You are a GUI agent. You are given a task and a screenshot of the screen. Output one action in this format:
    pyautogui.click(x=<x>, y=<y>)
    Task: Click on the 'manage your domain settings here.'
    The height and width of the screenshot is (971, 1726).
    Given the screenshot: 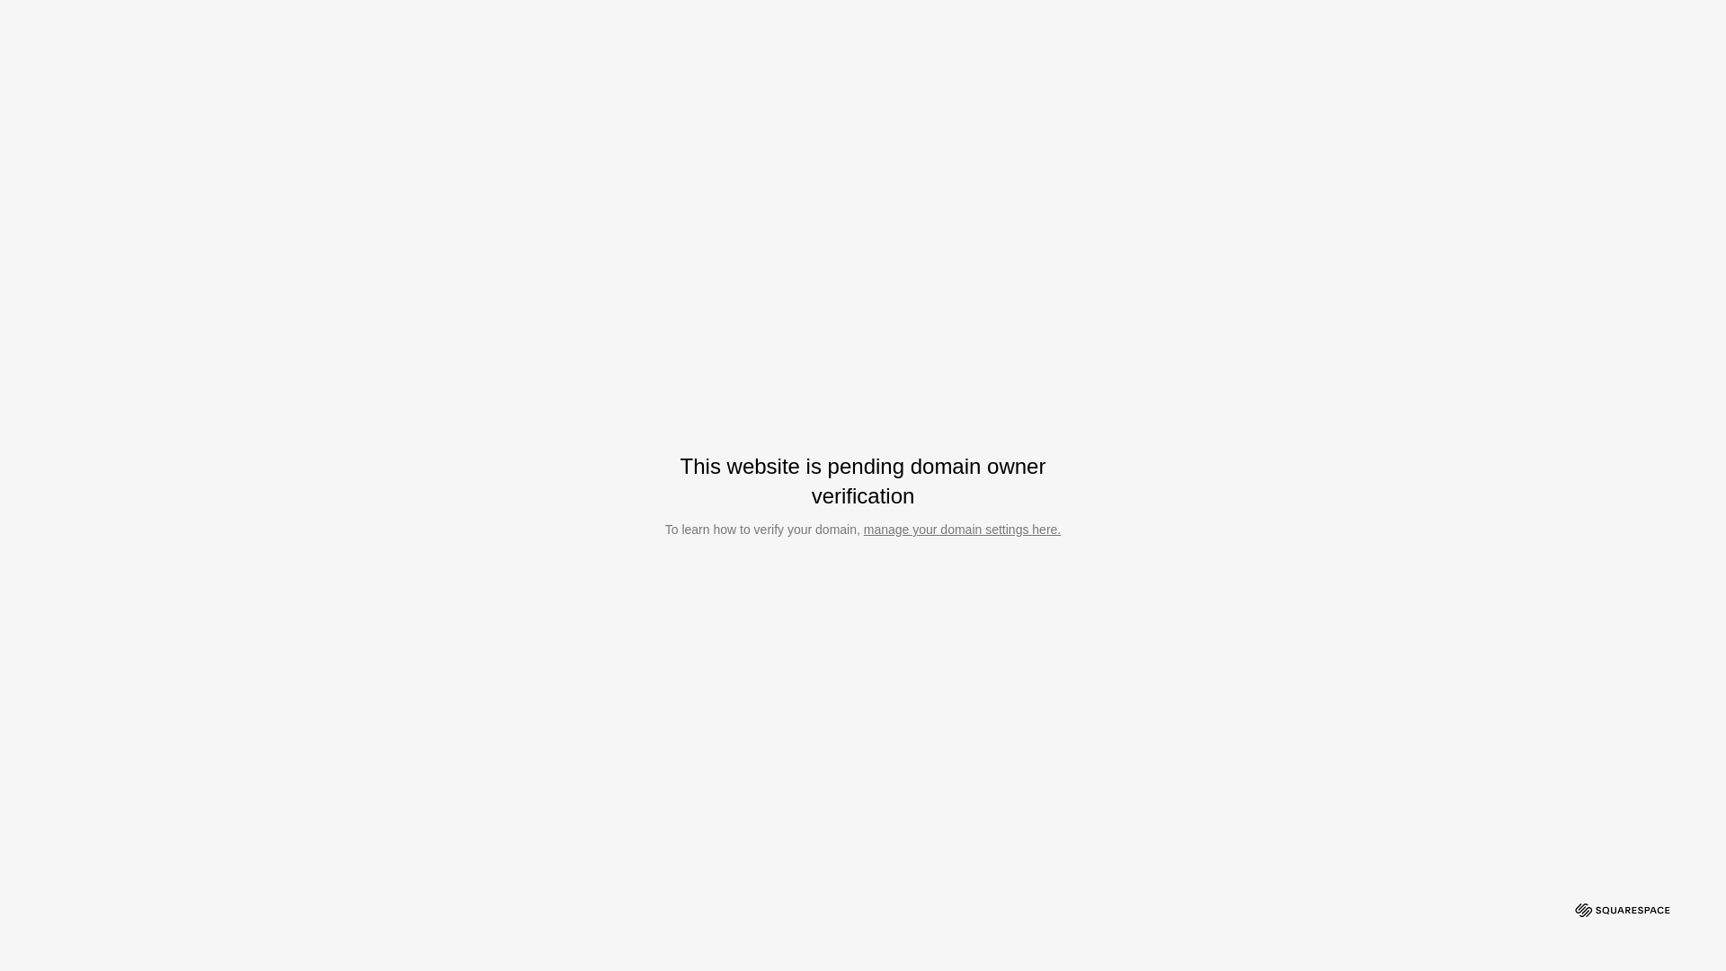 What is the action you would take?
    pyautogui.click(x=961, y=529)
    